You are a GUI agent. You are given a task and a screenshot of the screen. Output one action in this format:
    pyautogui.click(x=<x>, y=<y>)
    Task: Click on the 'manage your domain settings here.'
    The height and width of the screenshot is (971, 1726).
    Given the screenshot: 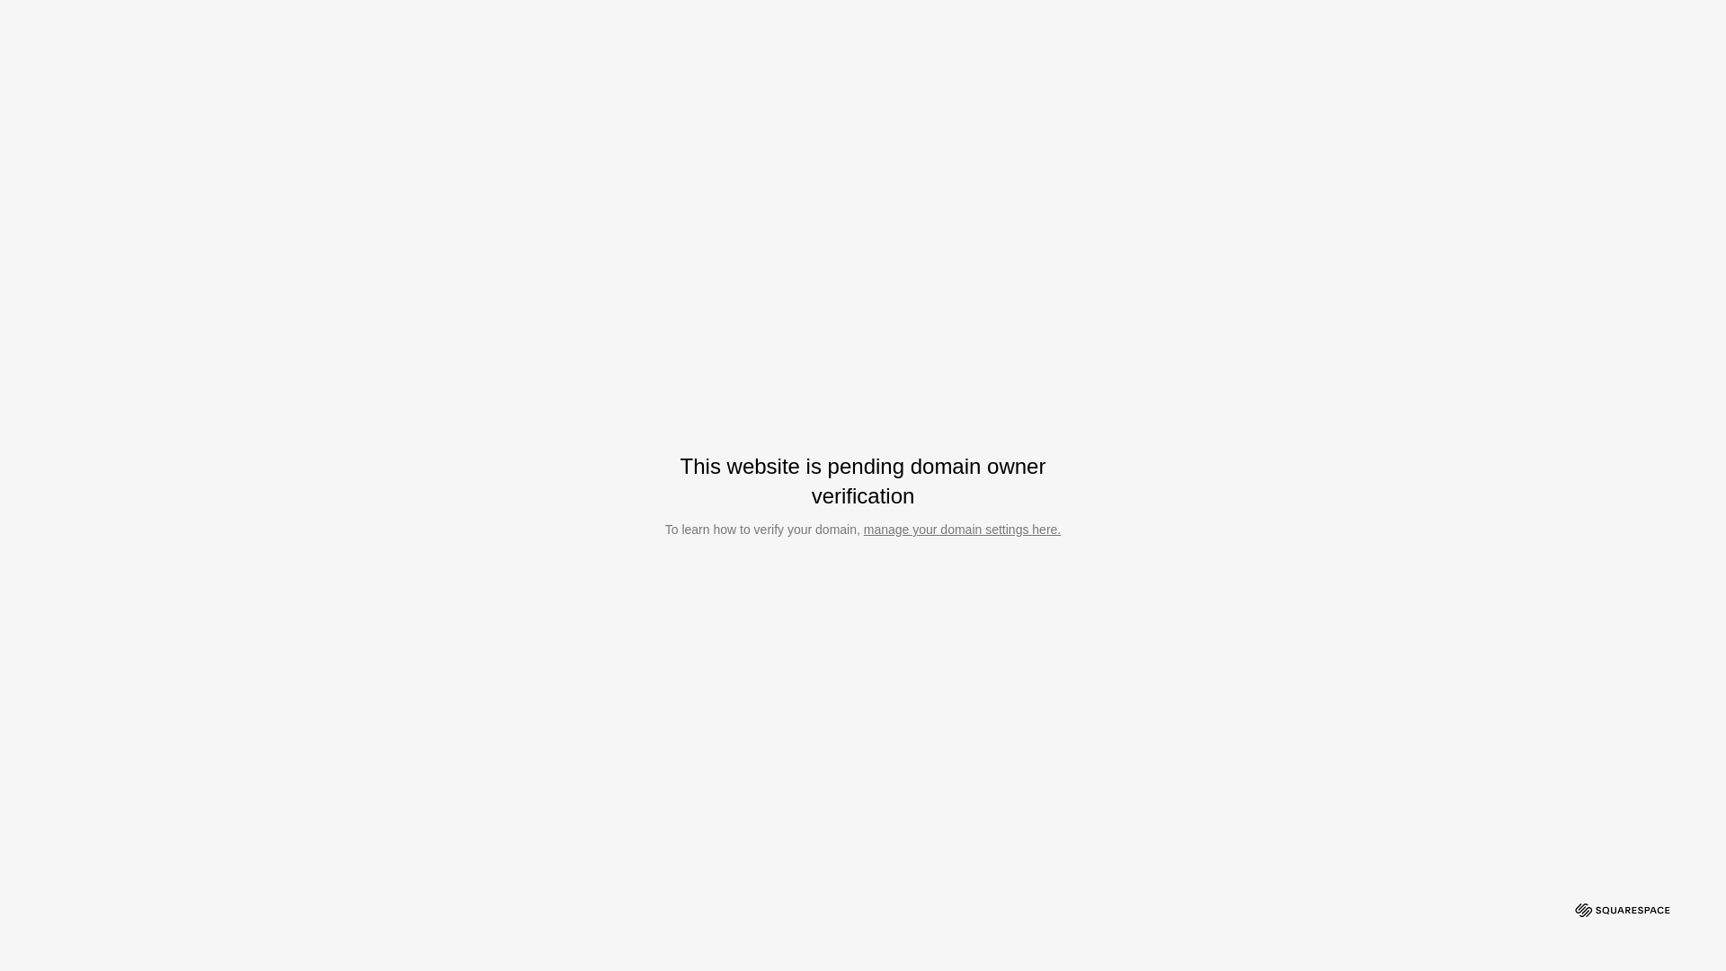 What is the action you would take?
    pyautogui.click(x=961, y=529)
    